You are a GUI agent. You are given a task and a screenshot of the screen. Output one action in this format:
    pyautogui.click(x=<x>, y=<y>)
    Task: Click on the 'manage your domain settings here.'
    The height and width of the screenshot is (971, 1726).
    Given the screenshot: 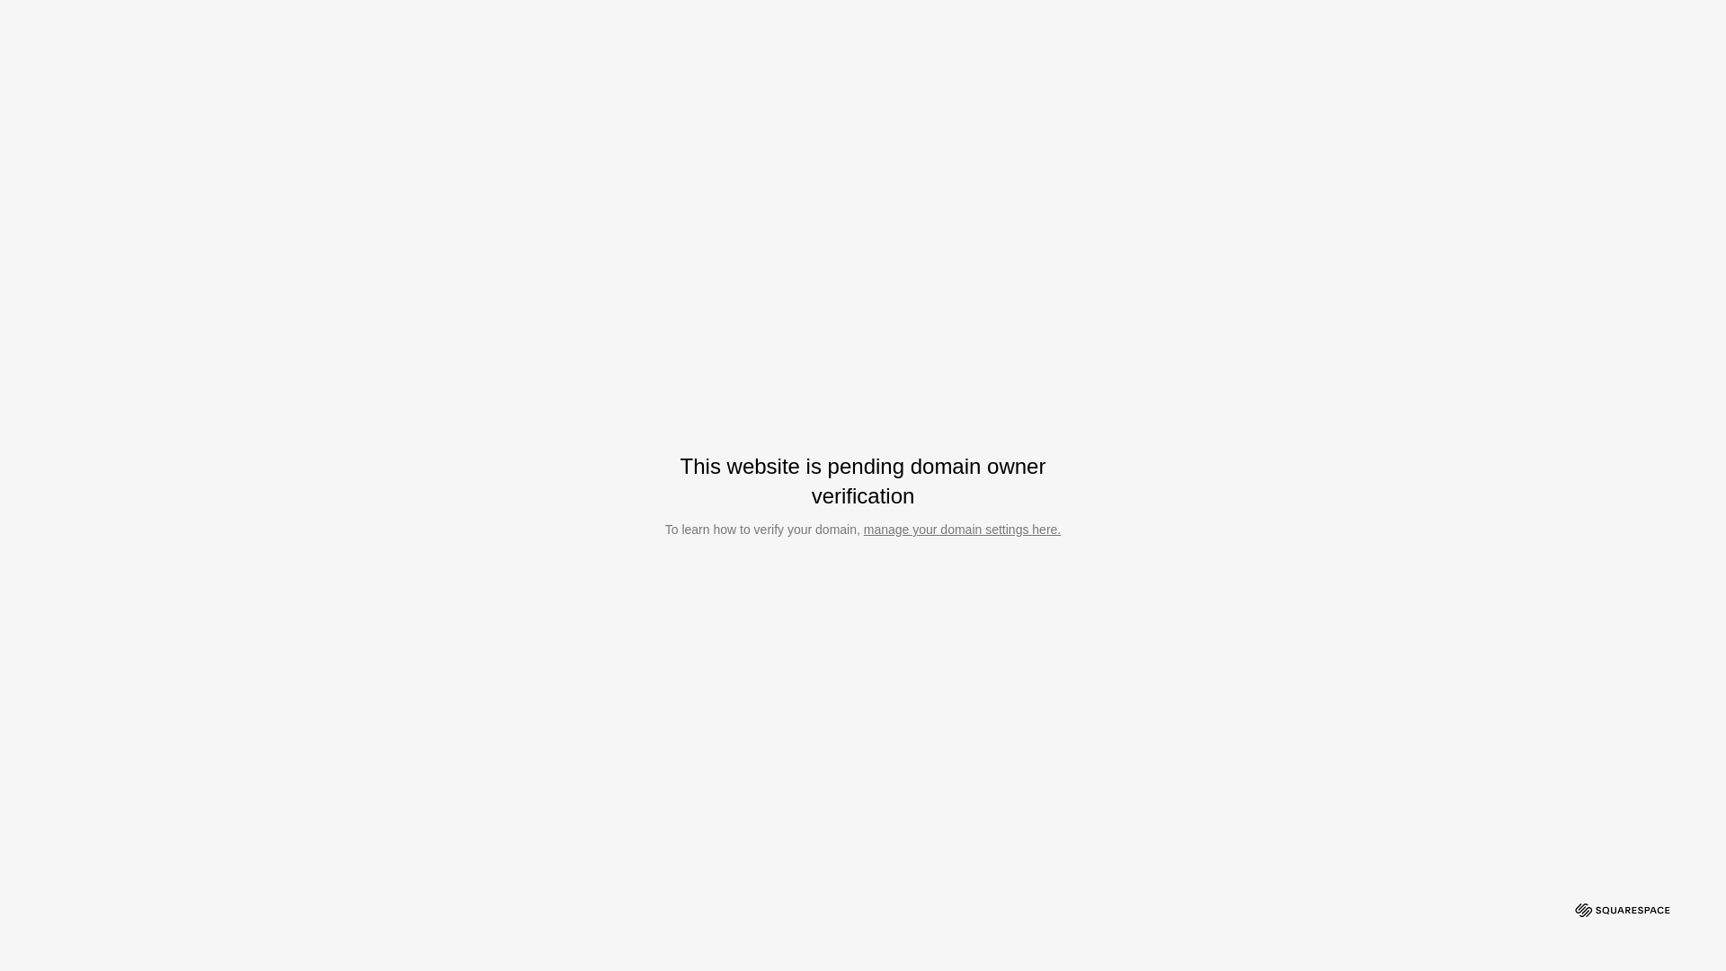 What is the action you would take?
    pyautogui.click(x=961, y=529)
    